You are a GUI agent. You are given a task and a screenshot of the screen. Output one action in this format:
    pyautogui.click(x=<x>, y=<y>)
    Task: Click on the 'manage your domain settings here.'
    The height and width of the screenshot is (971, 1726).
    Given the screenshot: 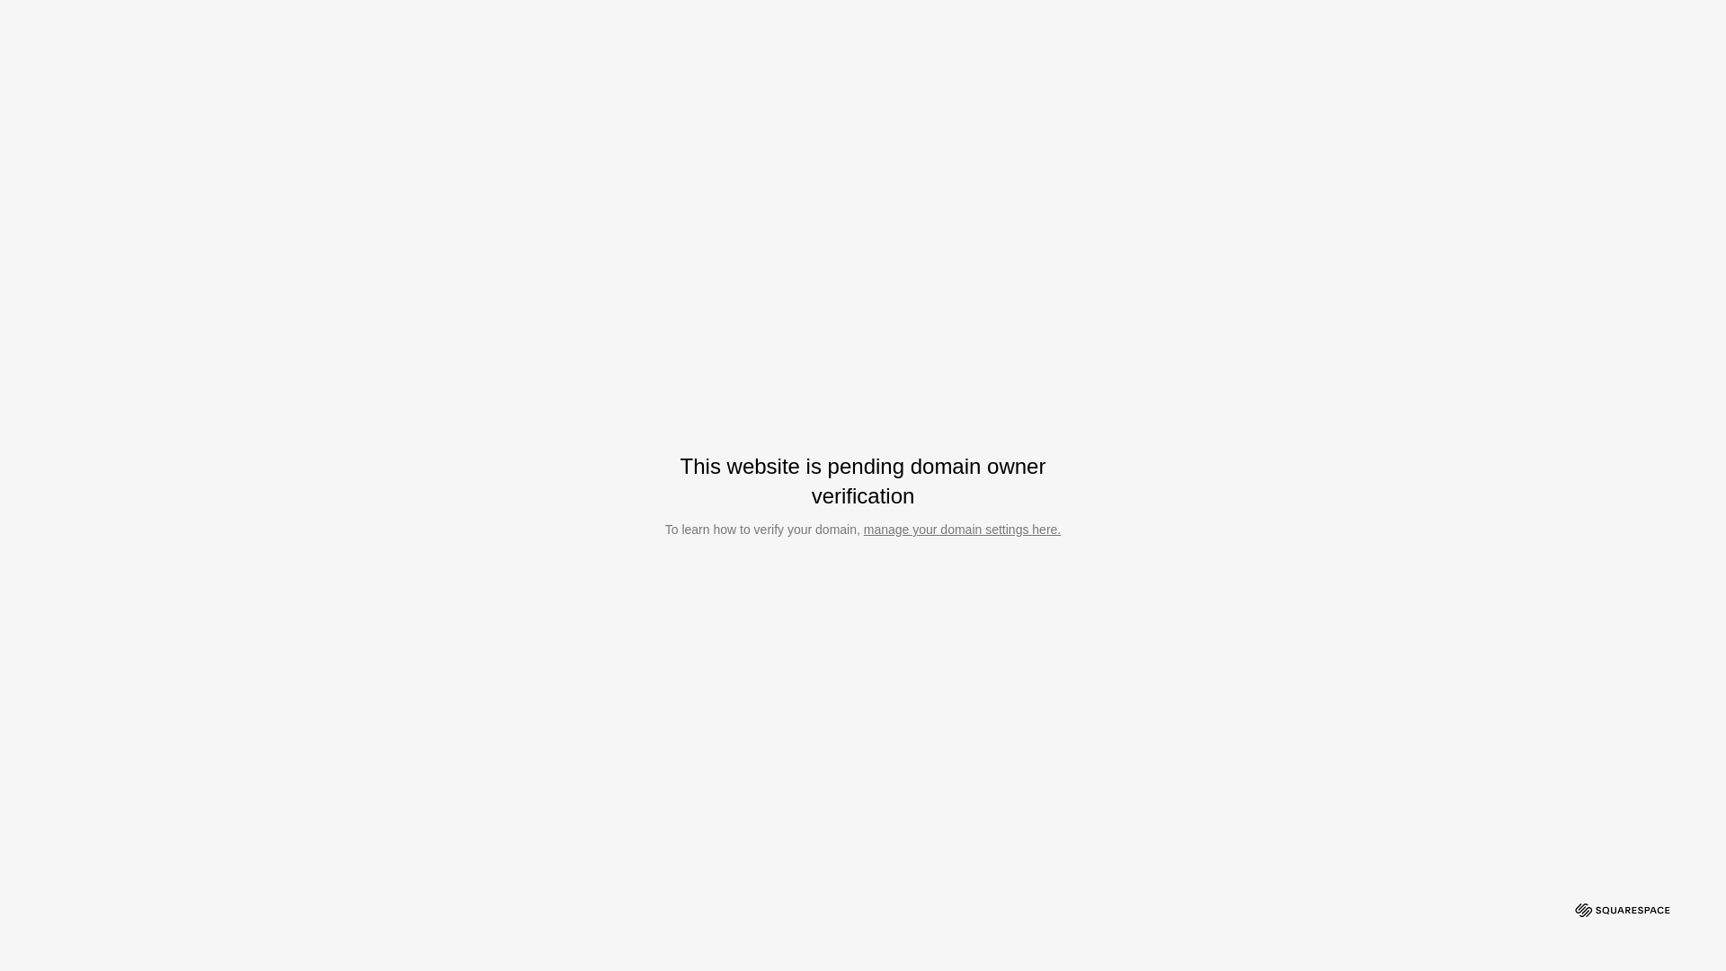 What is the action you would take?
    pyautogui.click(x=961, y=529)
    